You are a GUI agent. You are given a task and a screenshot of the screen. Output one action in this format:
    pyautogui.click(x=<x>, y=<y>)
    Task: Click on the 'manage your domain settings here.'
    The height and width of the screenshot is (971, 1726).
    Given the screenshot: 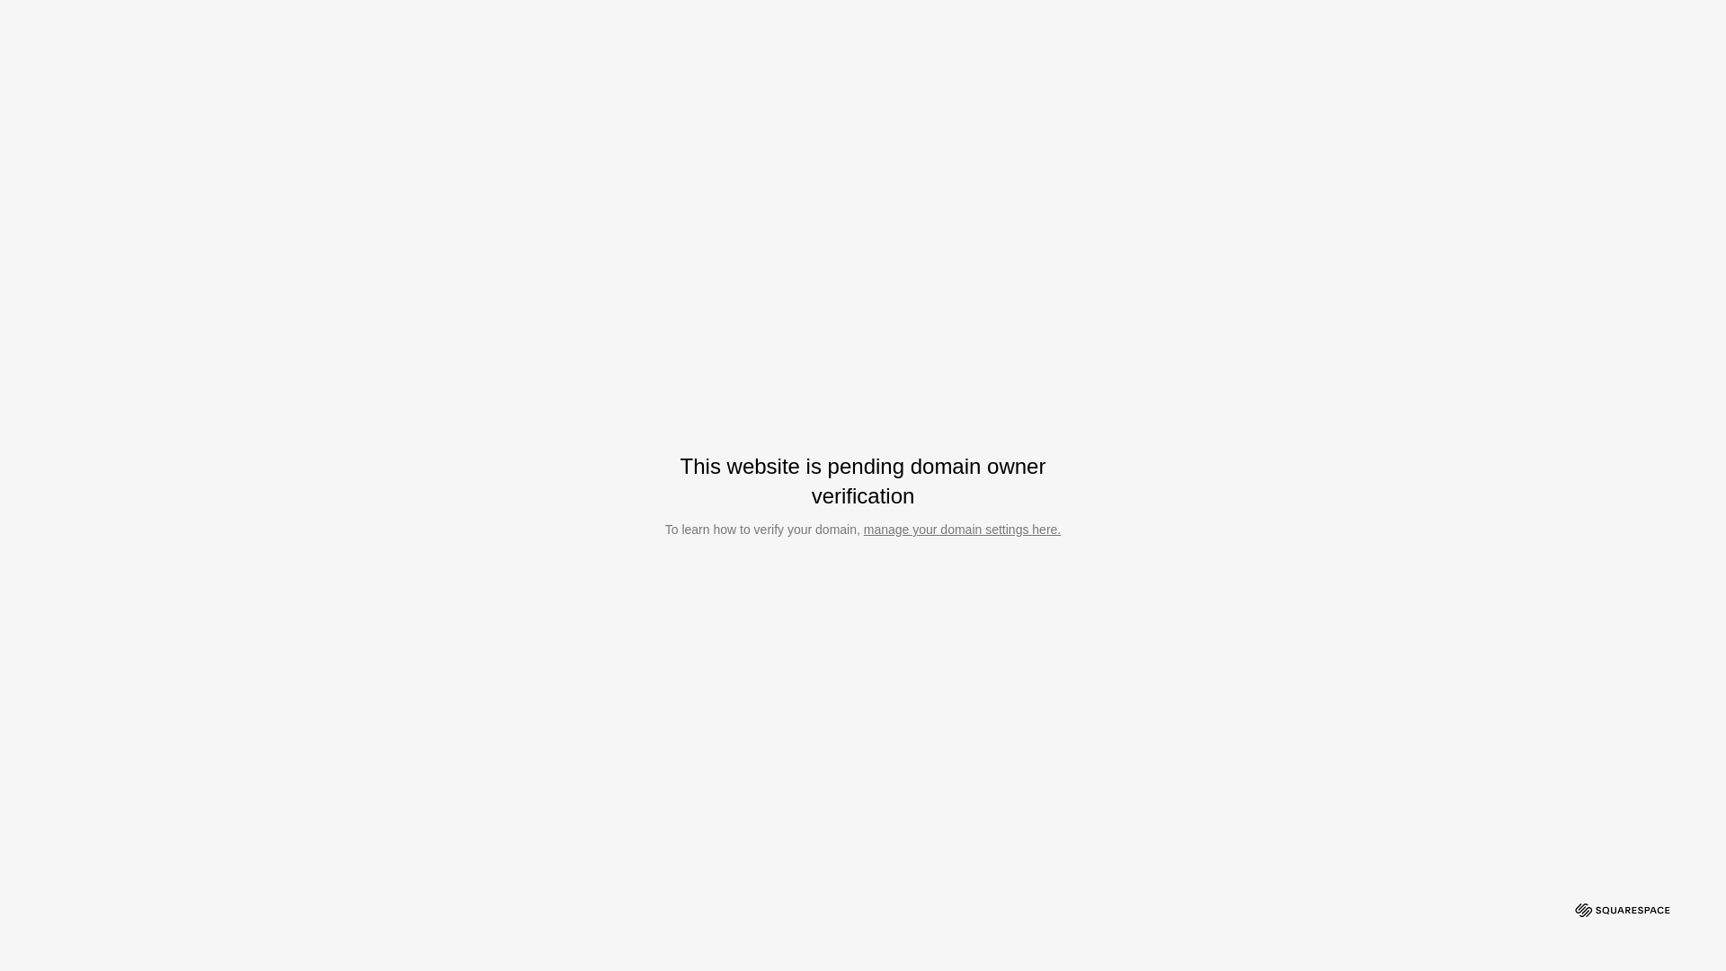 What is the action you would take?
    pyautogui.click(x=961, y=529)
    